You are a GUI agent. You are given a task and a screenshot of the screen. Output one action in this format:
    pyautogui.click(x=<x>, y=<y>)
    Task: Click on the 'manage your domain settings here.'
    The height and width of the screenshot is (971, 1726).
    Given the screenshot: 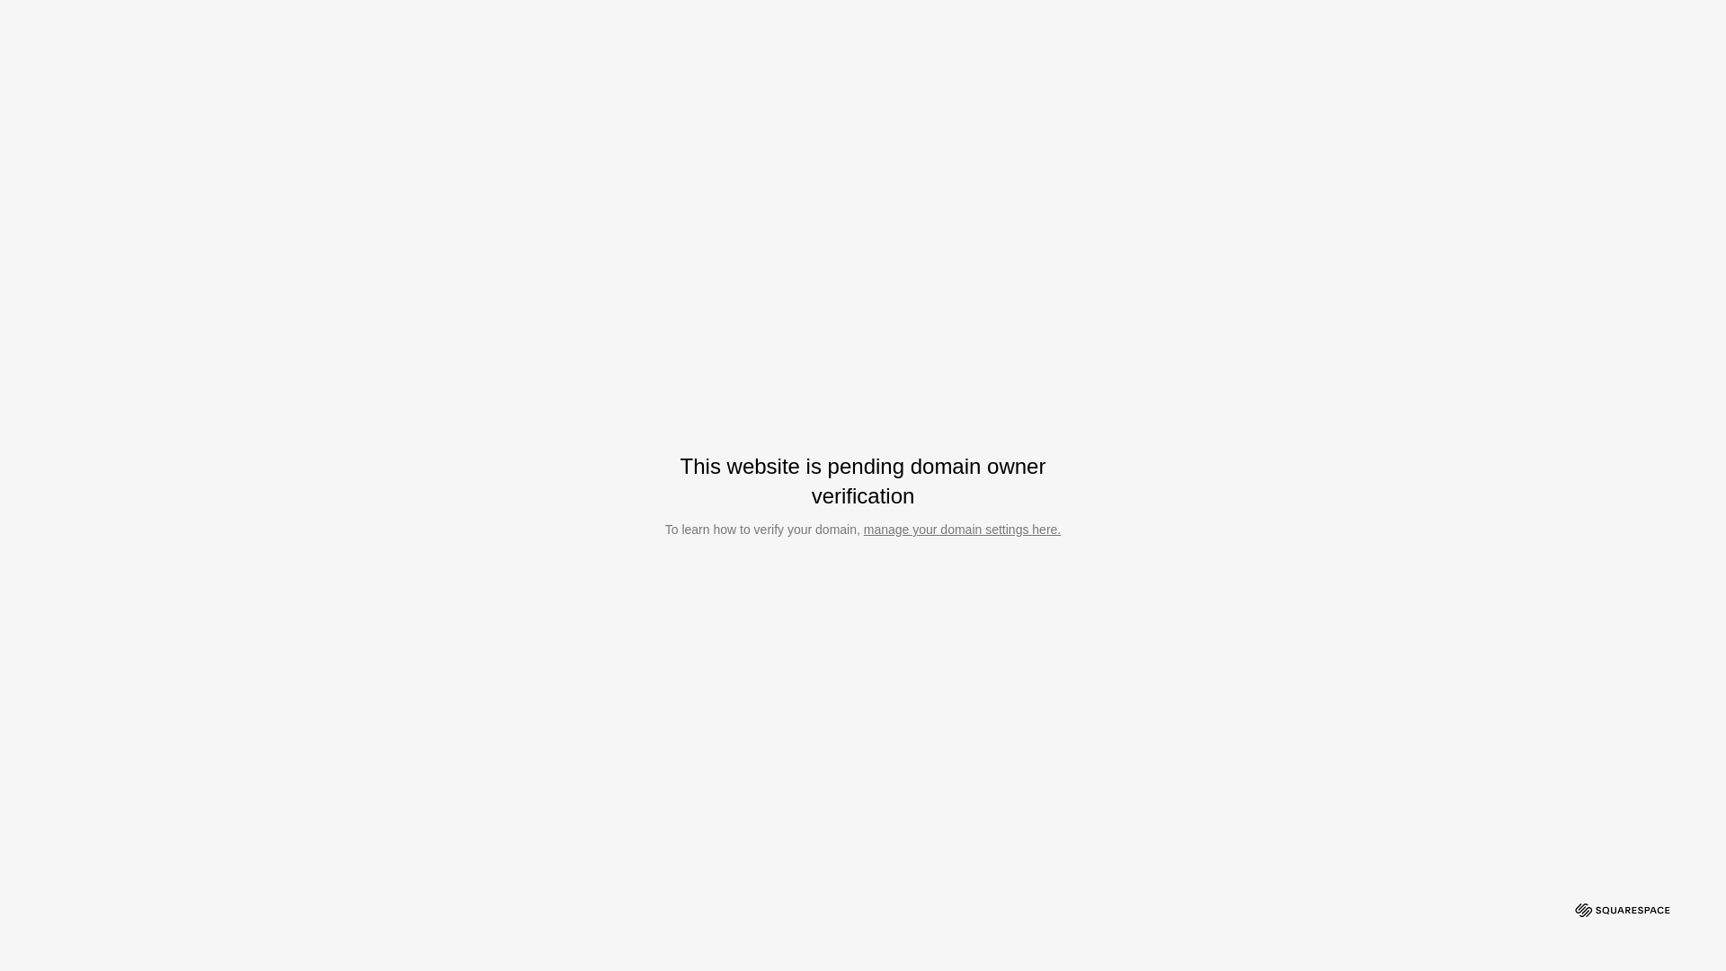 What is the action you would take?
    pyautogui.click(x=961, y=529)
    